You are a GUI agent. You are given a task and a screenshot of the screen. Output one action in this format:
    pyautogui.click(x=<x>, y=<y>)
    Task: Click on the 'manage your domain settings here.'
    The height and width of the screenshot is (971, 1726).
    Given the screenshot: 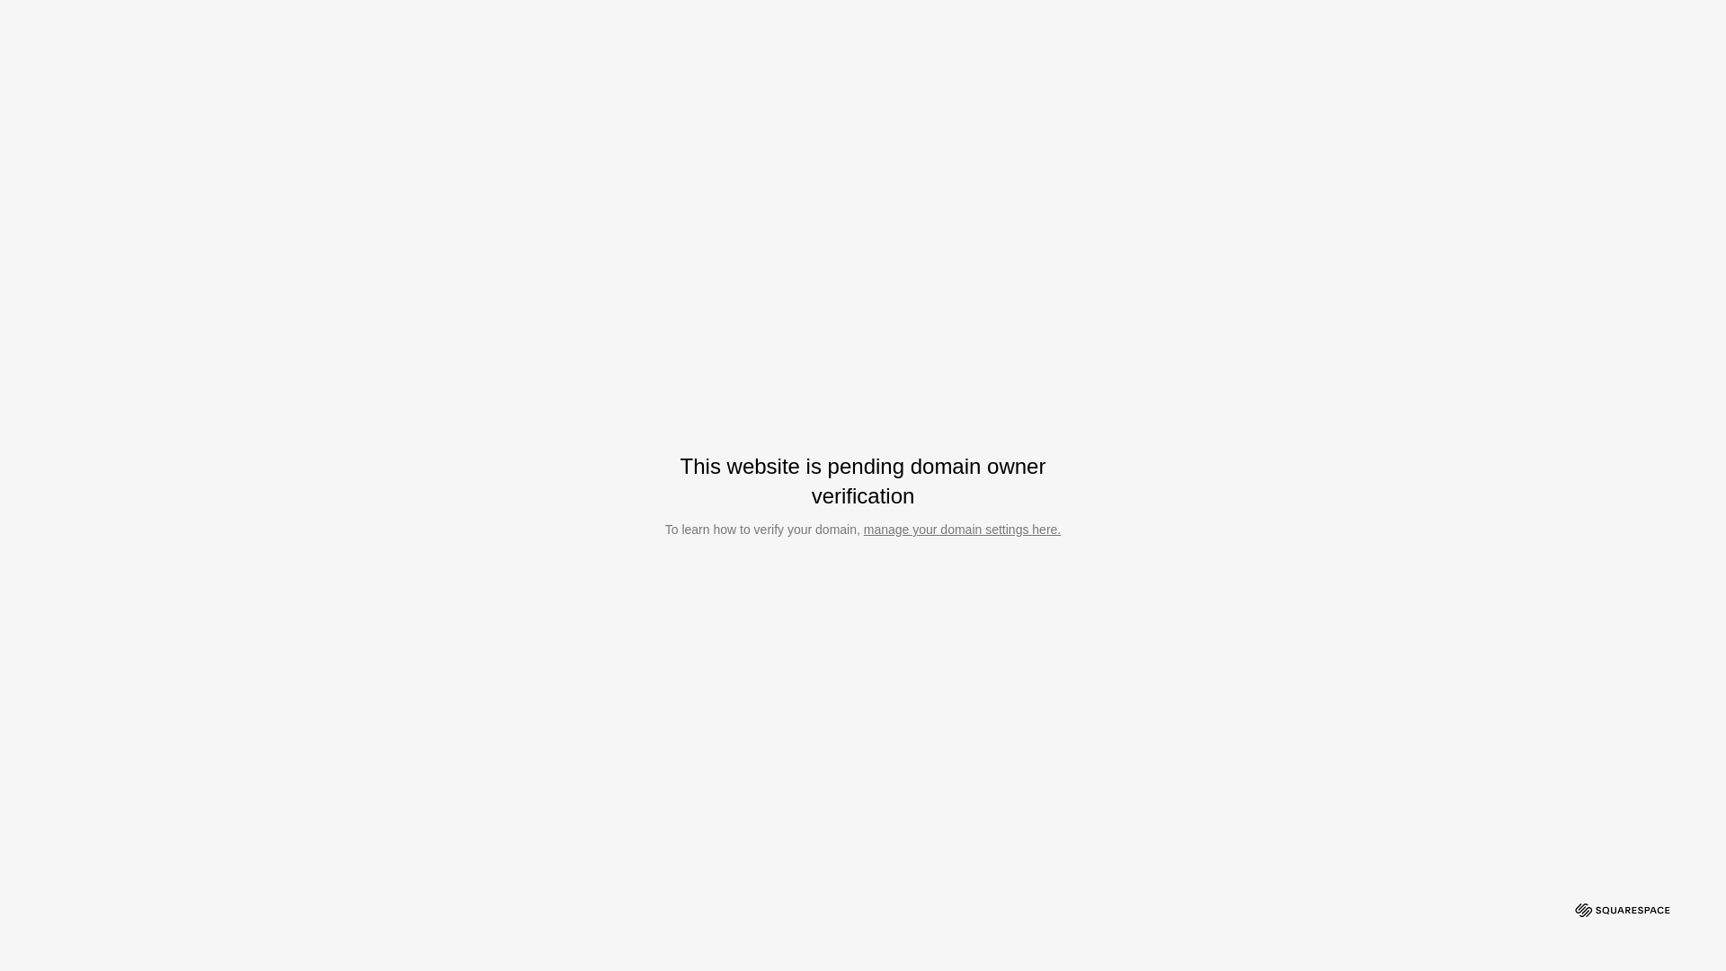 What is the action you would take?
    pyautogui.click(x=961, y=529)
    